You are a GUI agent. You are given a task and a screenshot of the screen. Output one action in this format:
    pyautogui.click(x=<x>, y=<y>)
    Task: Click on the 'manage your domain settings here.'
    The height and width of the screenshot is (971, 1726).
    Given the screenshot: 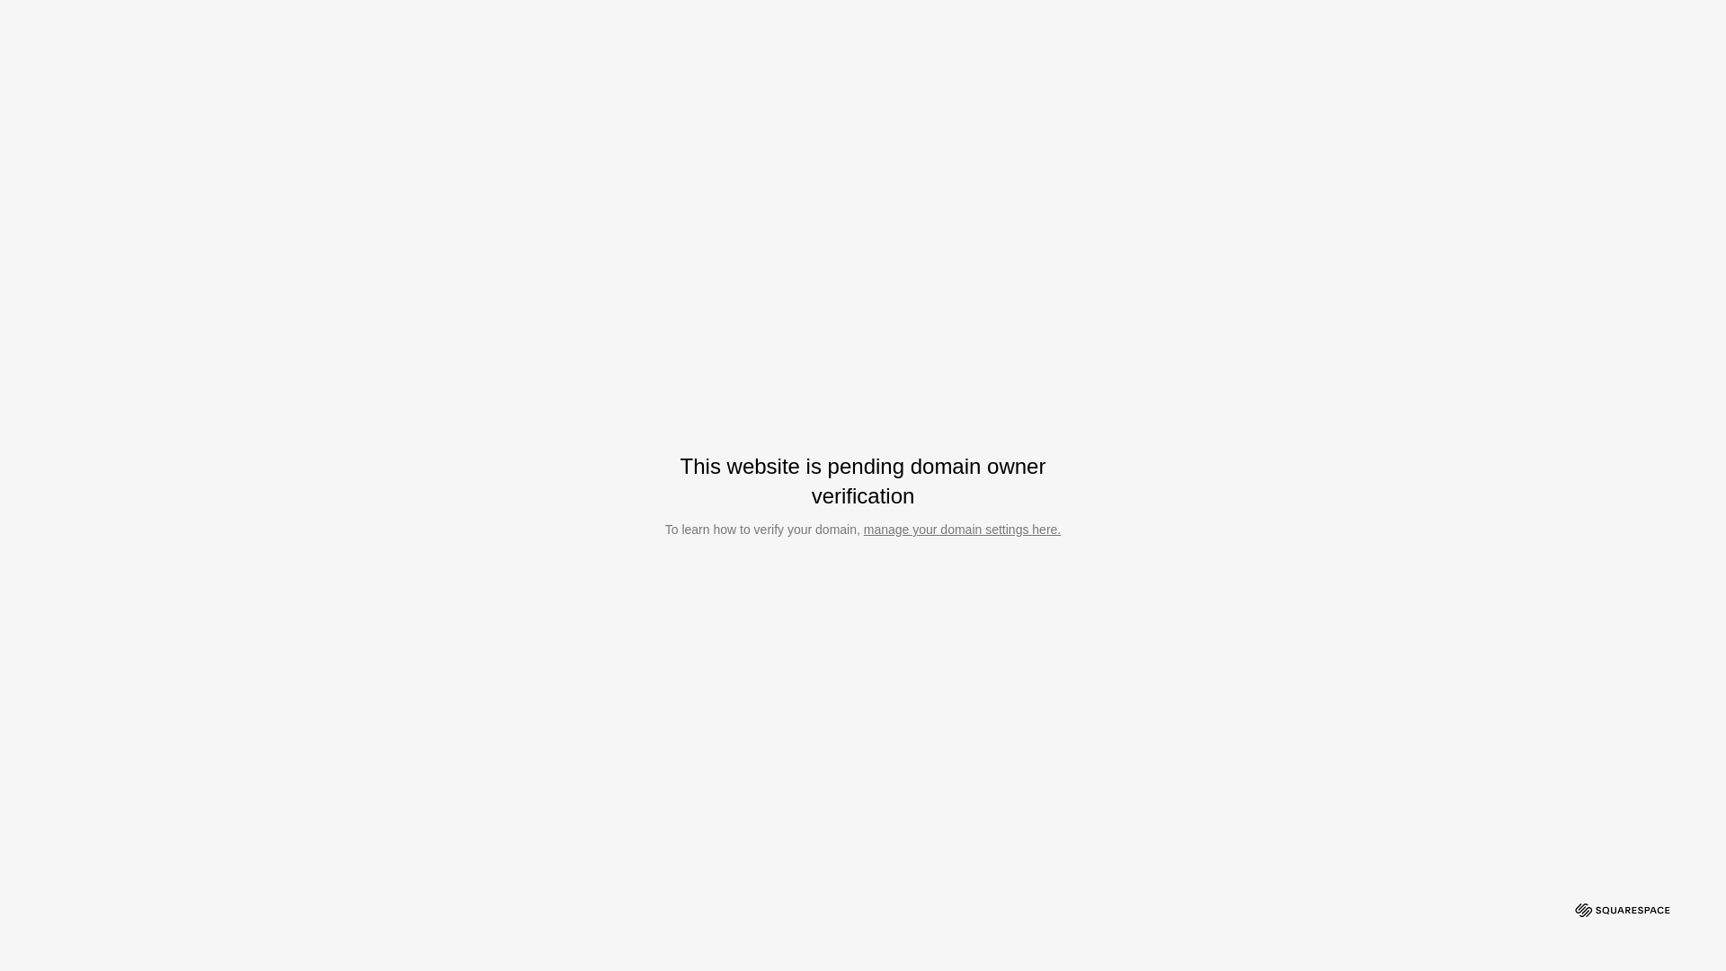 What is the action you would take?
    pyautogui.click(x=961, y=529)
    